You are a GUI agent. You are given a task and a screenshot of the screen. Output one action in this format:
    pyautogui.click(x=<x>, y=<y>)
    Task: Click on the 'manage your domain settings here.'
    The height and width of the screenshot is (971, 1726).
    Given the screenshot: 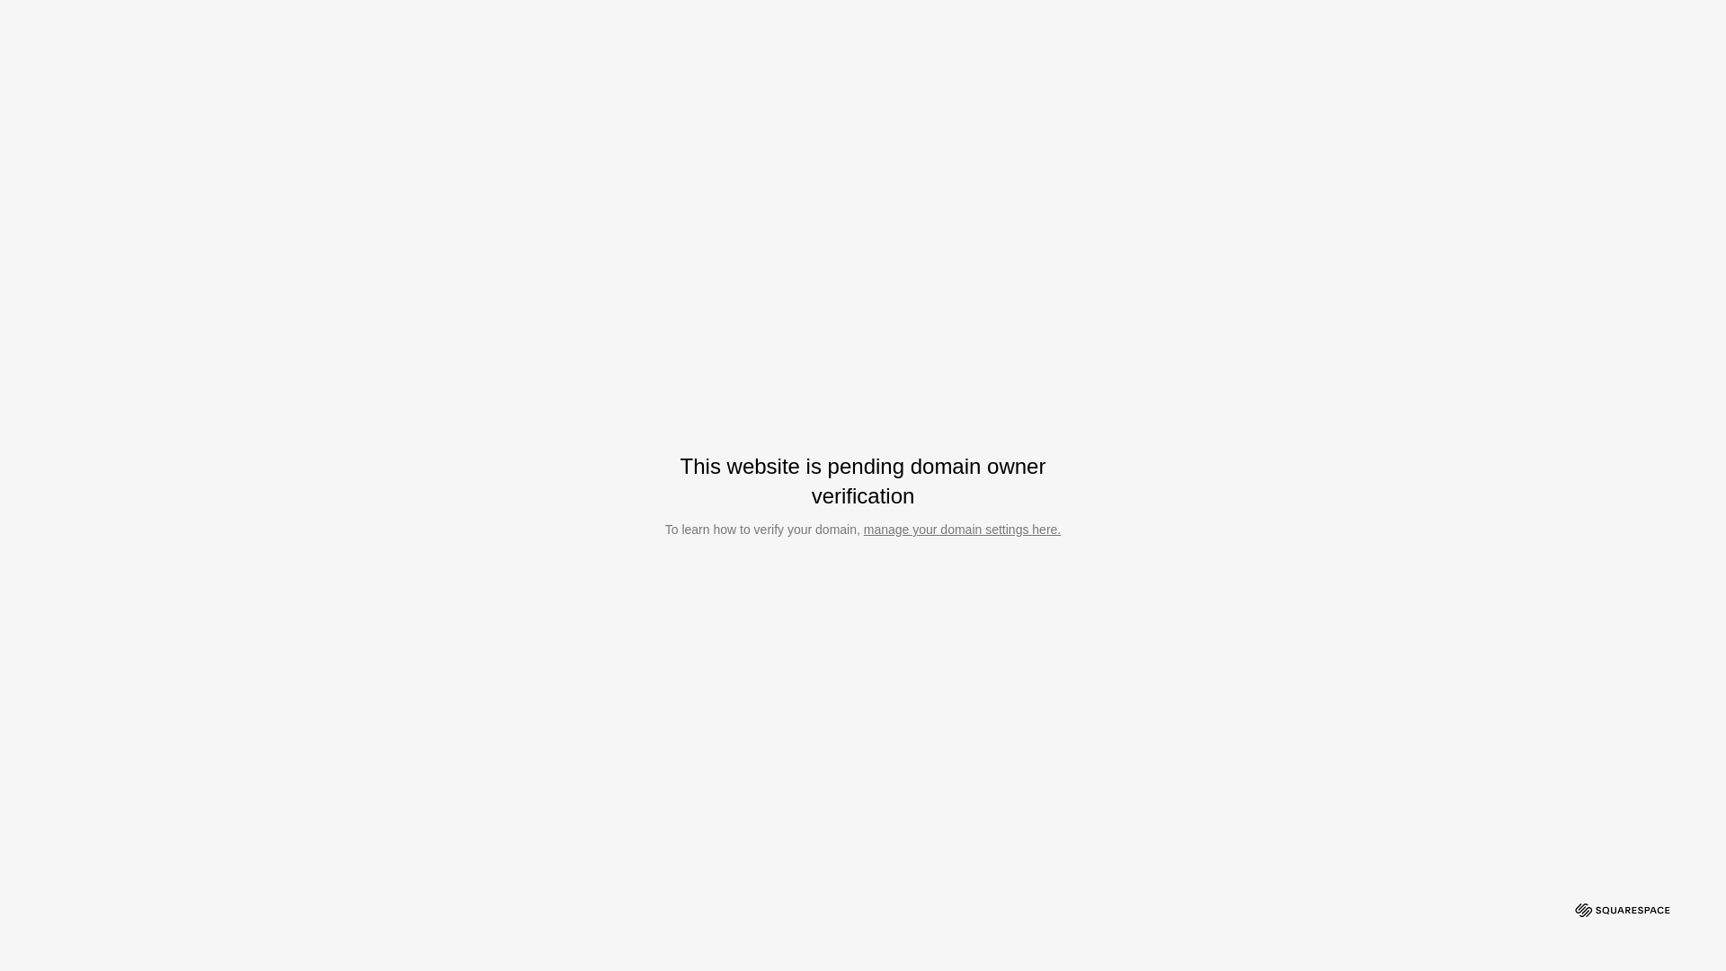 What is the action you would take?
    pyautogui.click(x=961, y=529)
    